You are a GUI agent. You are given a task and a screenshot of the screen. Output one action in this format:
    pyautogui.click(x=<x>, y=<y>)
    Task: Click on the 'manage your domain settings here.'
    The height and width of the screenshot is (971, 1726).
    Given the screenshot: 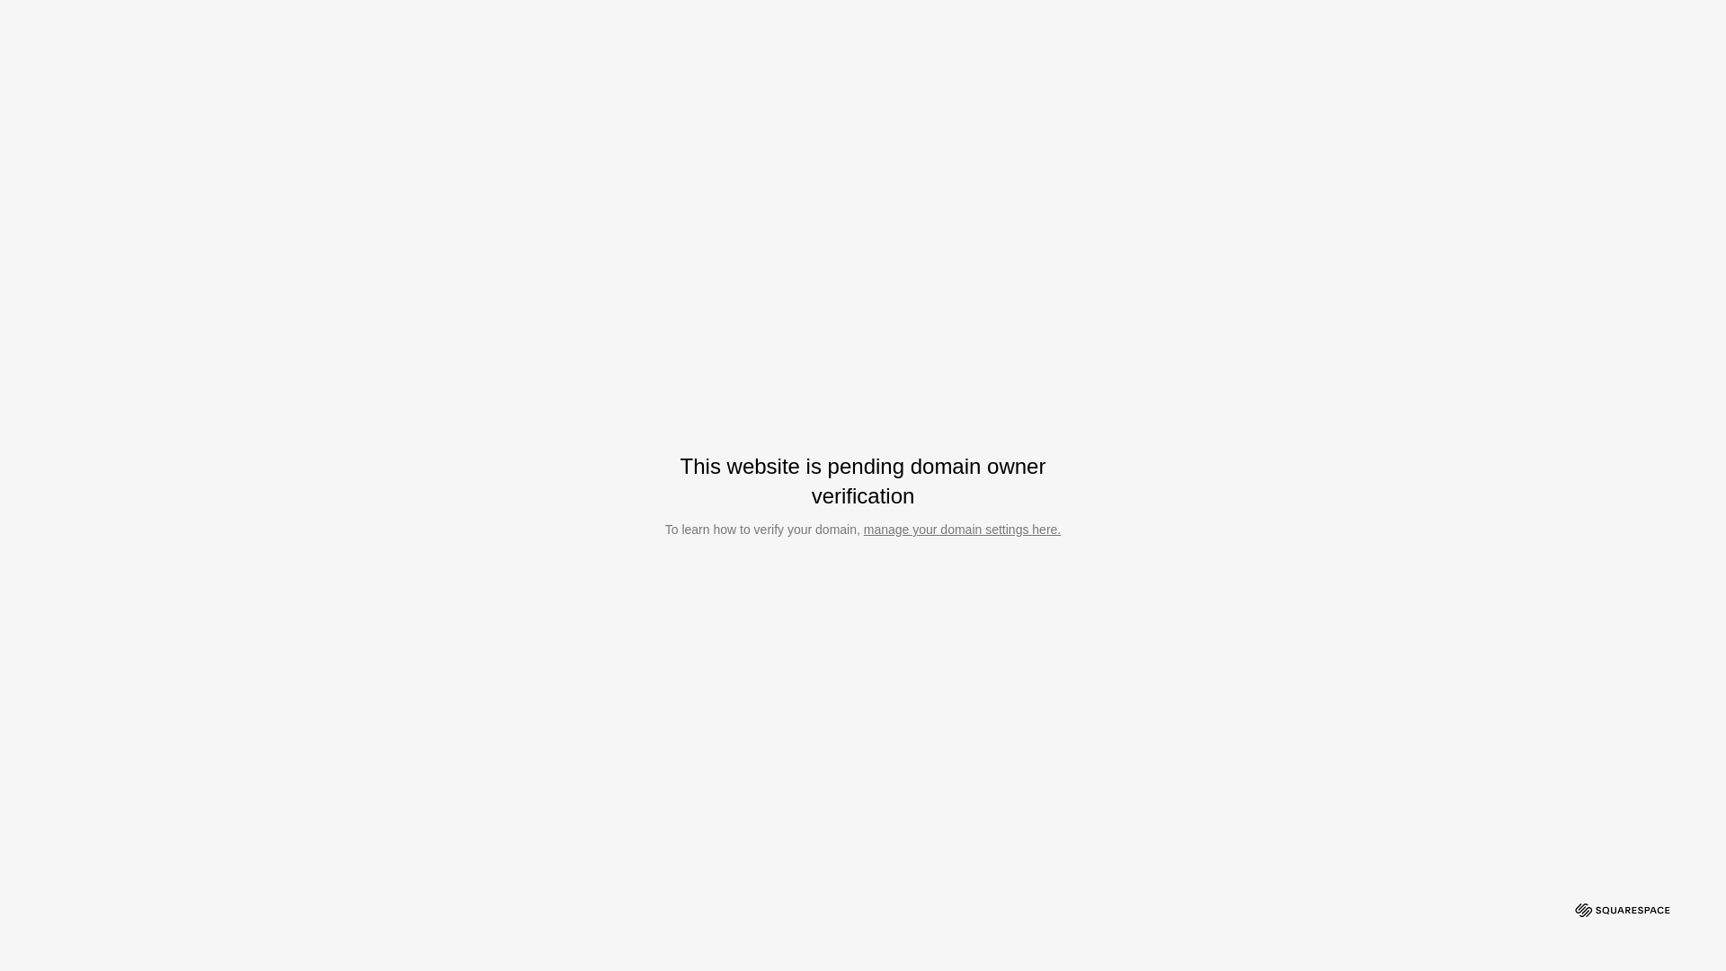 What is the action you would take?
    pyautogui.click(x=961, y=529)
    